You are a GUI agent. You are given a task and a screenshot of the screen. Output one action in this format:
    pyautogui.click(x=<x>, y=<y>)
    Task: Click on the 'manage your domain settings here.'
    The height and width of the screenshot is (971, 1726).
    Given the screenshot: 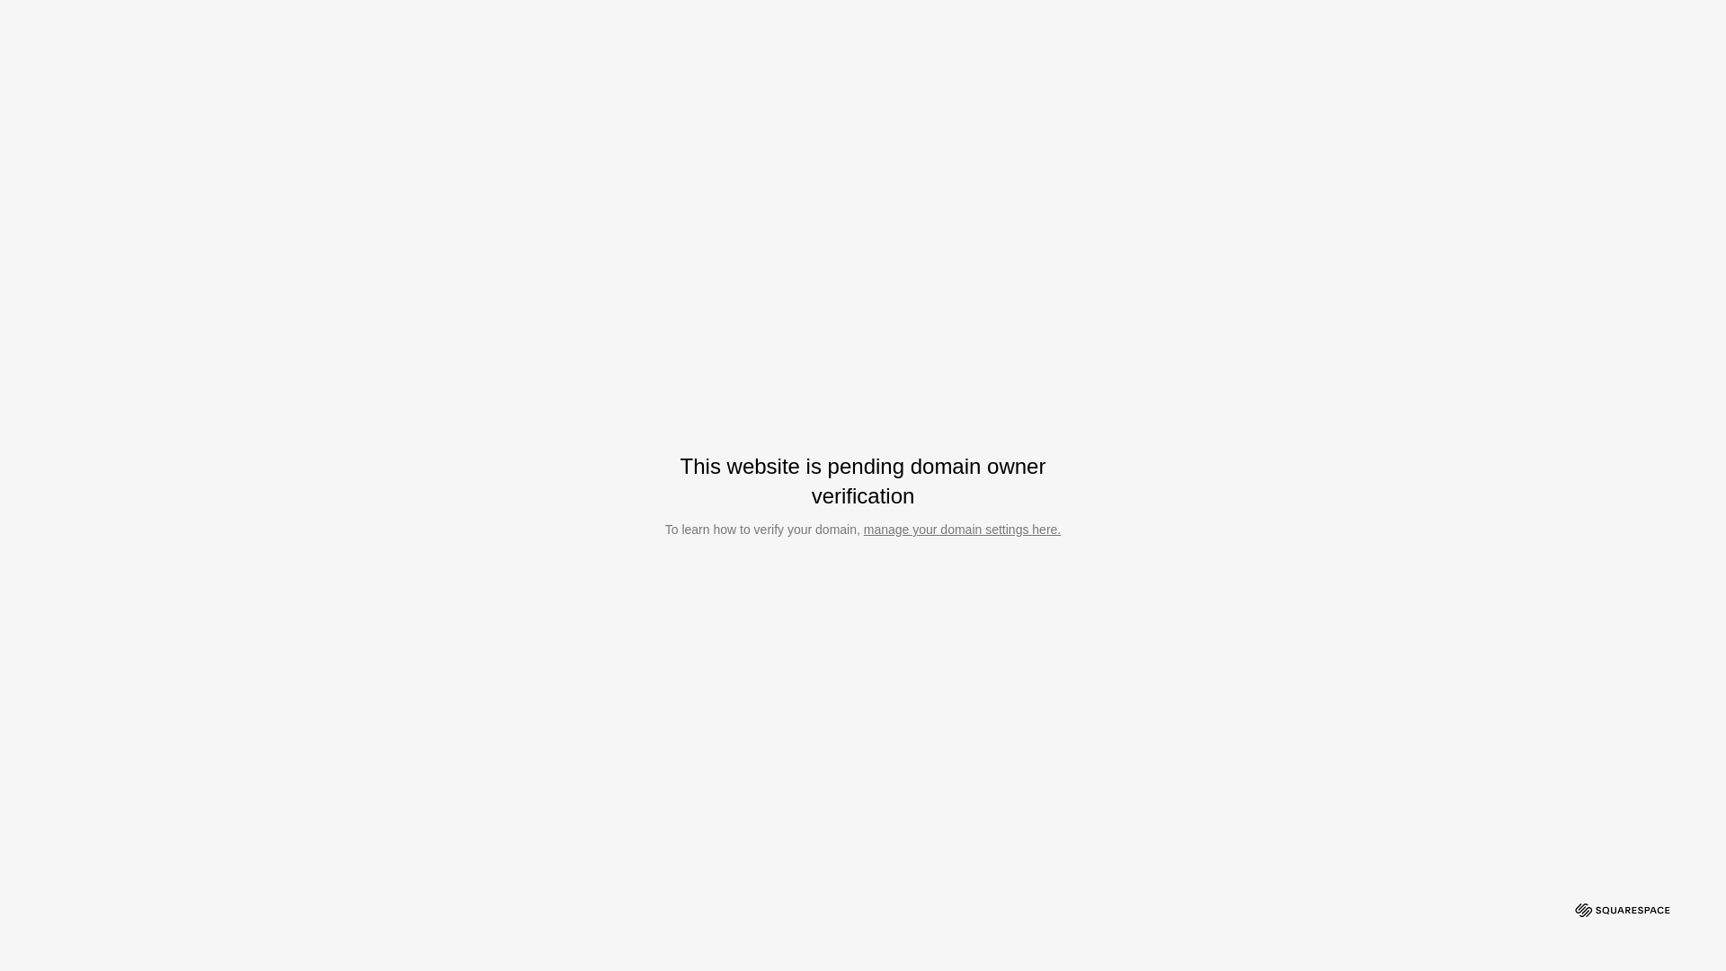 What is the action you would take?
    pyautogui.click(x=961, y=529)
    